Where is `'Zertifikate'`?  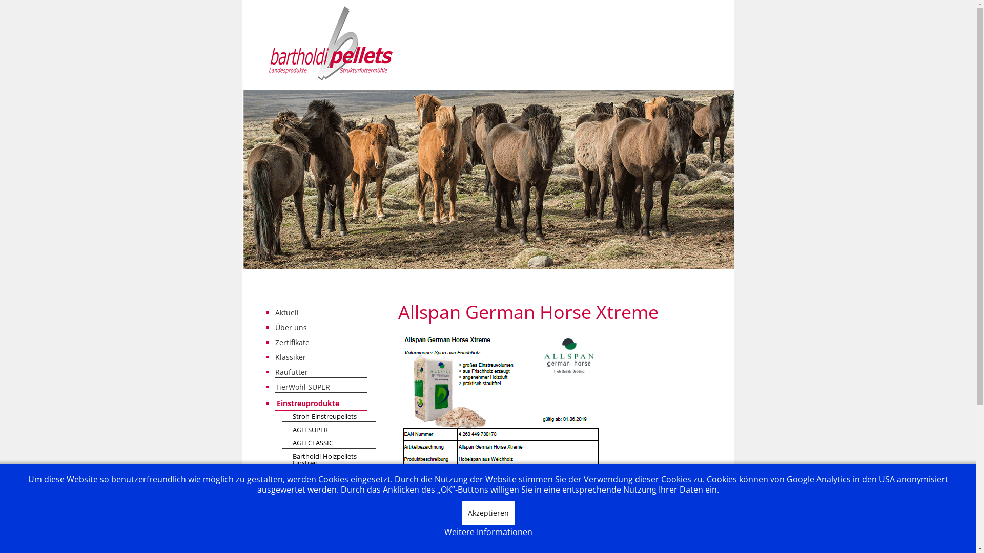
'Zertifikate' is located at coordinates (320, 342).